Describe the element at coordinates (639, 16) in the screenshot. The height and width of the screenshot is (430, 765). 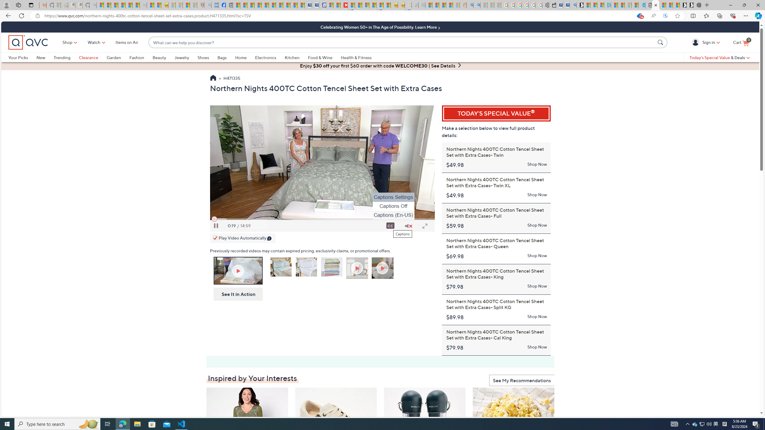
I see `'This site has coupons! Shopping in Microsoft Edge, 16'` at that location.